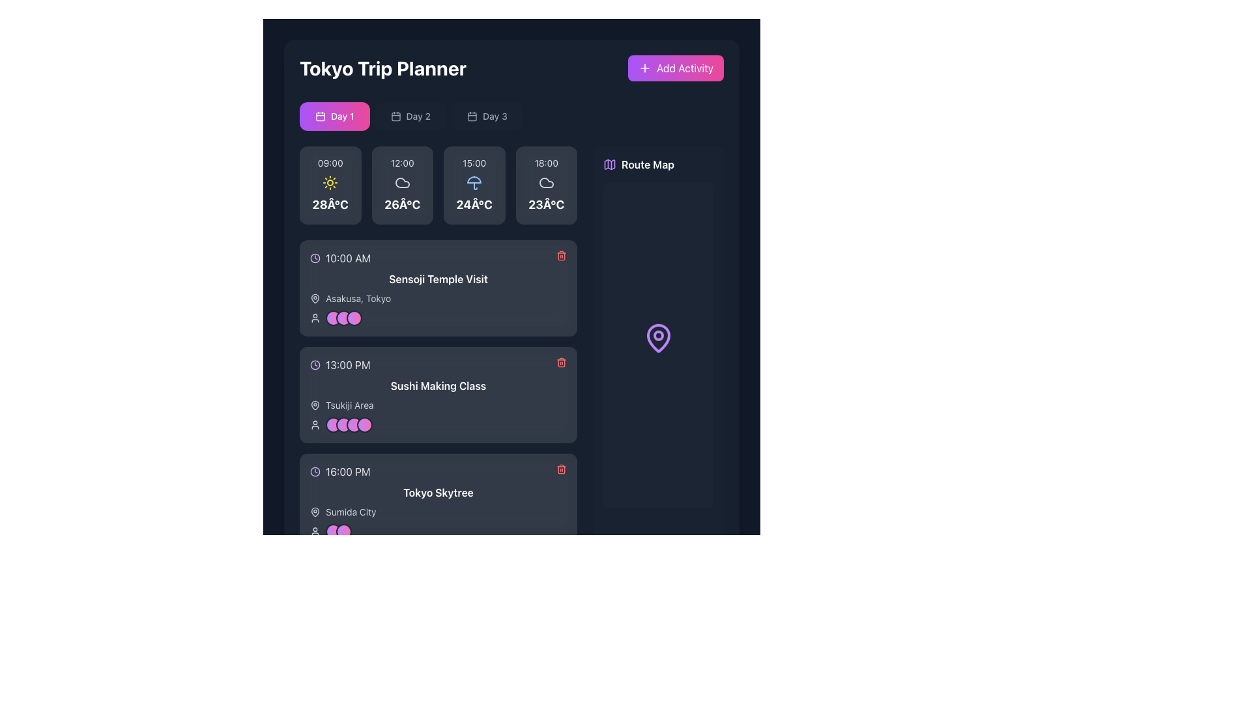  I want to click on text label located in the lower portion of the card-like layout, which specifies the name of the destination or event associated with the scheduled time of '16:00 PM', so click(438, 492).